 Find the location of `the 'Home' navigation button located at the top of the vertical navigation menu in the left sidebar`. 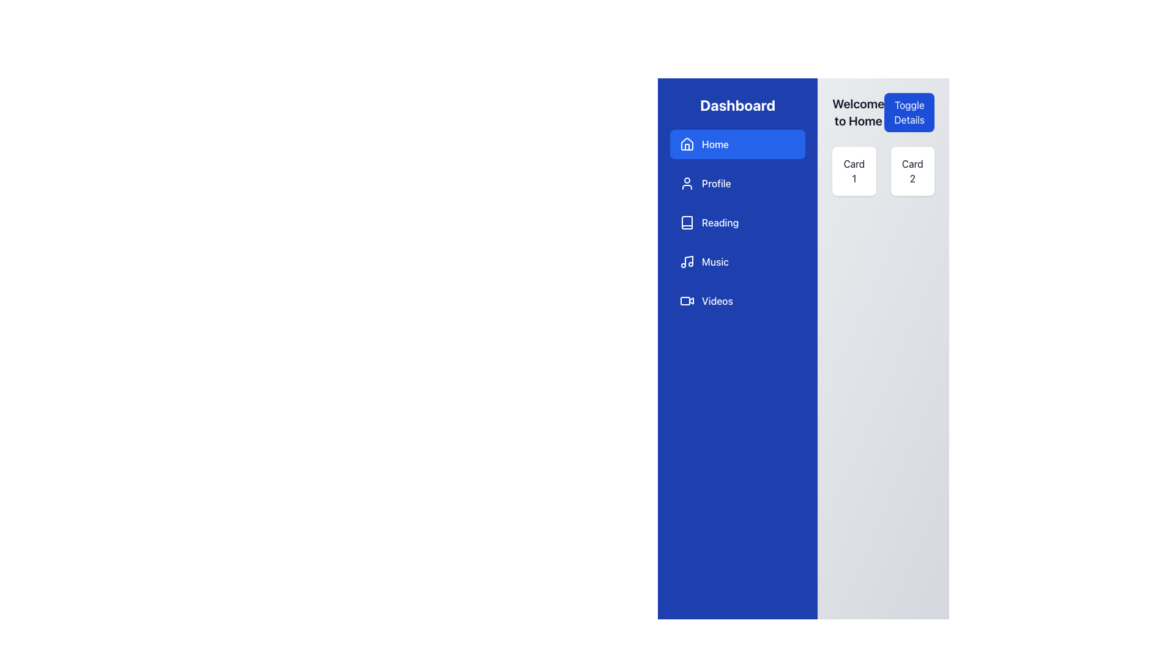

the 'Home' navigation button located at the top of the vertical navigation menu in the left sidebar is located at coordinates (737, 143).